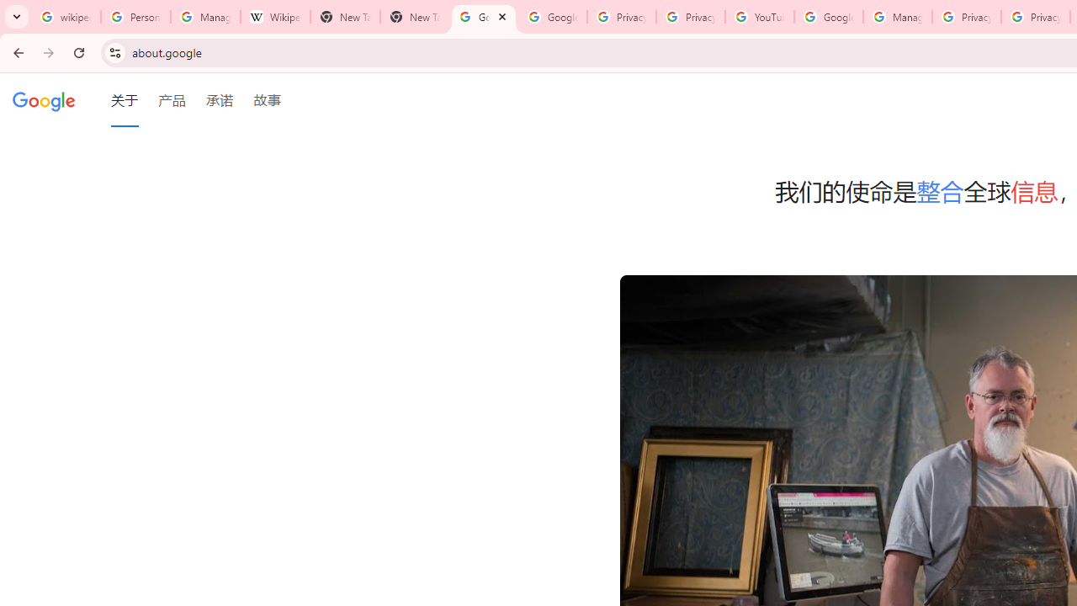 This screenshot has height=606, width=1077. Describe the element at coordinates (204, 17) in the screenshot. I see `'Manage your Location History - Google Search Help'` at that location.